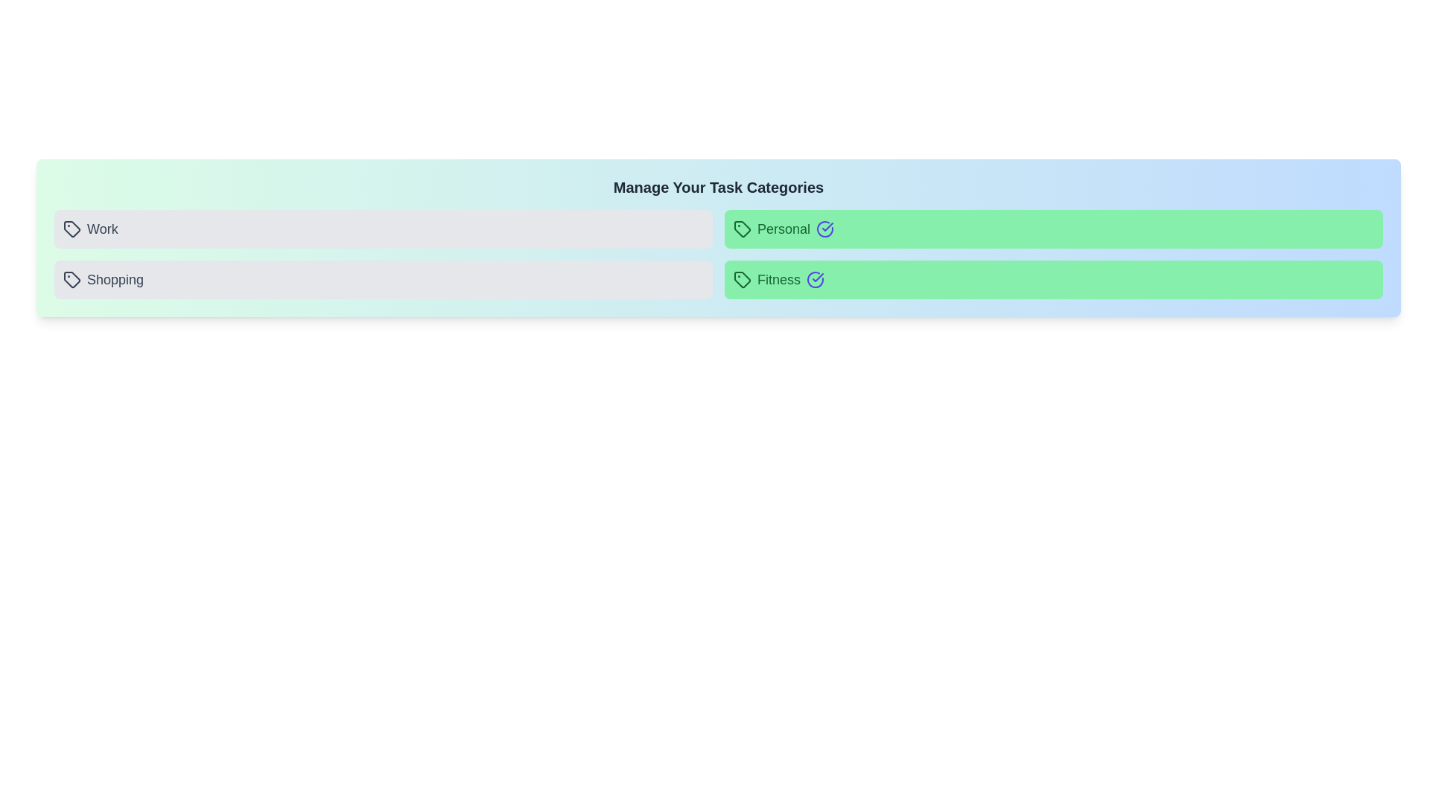 This screenshot has height=804, width=1430. Describe the element at coordinates (383, 279) in the screenshot. I see `the category Shopping by clicking on it` at that location.